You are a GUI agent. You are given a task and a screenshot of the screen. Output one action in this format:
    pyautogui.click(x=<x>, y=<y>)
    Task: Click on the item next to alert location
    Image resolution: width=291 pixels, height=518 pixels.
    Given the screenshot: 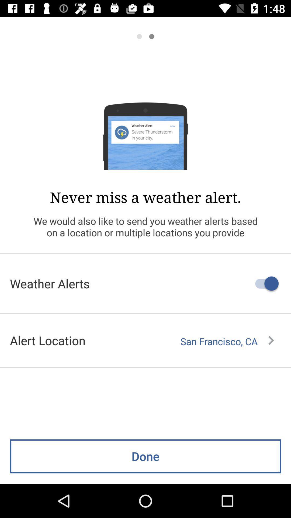 What is the action you would take?
    pyautogui.click(x=227, y=341)
    